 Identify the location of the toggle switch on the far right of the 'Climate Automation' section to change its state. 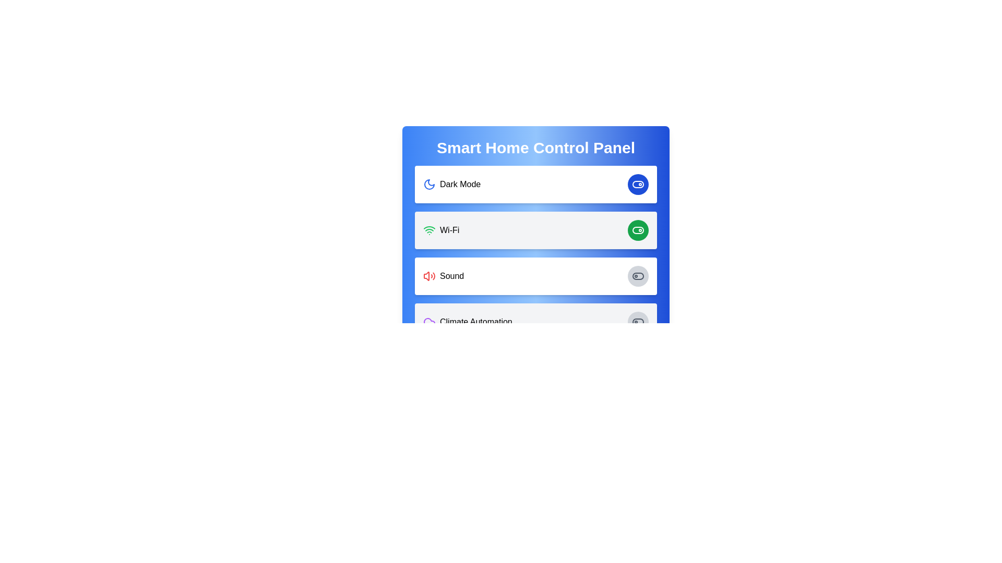
(638, 321).